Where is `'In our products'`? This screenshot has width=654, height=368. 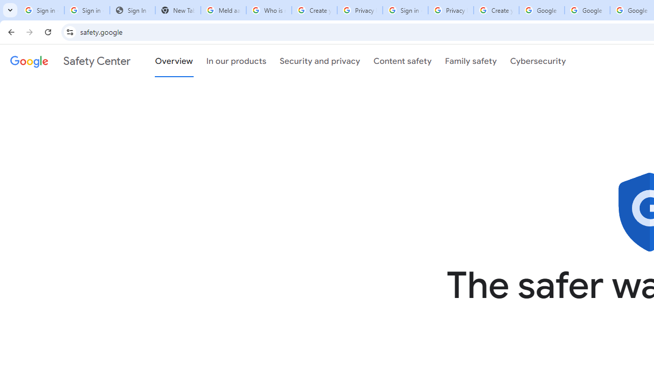
'In our products' is located at coordinates (236, 61).